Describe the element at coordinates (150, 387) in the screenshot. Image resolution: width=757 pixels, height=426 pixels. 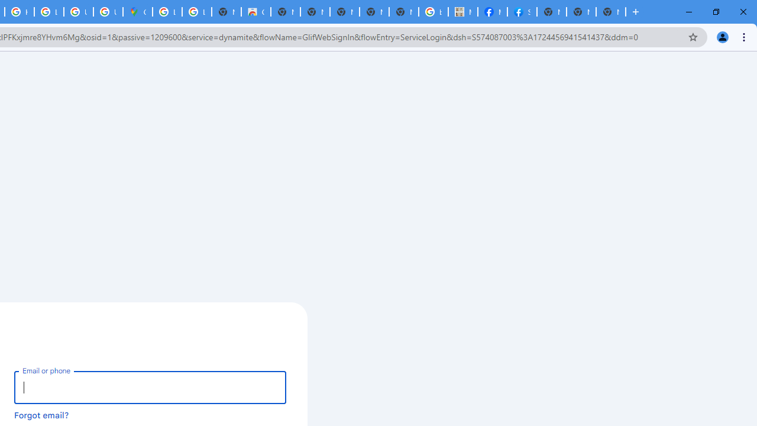
I see `'Email or phone'` at that location.